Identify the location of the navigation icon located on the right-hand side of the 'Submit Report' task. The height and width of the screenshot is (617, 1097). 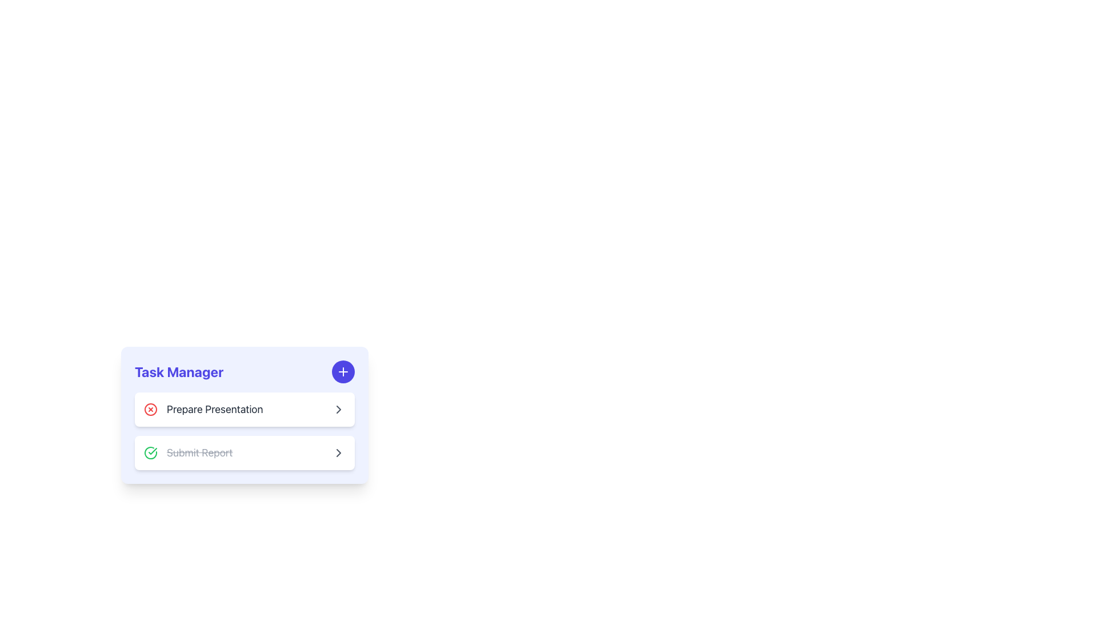
(338, 452).